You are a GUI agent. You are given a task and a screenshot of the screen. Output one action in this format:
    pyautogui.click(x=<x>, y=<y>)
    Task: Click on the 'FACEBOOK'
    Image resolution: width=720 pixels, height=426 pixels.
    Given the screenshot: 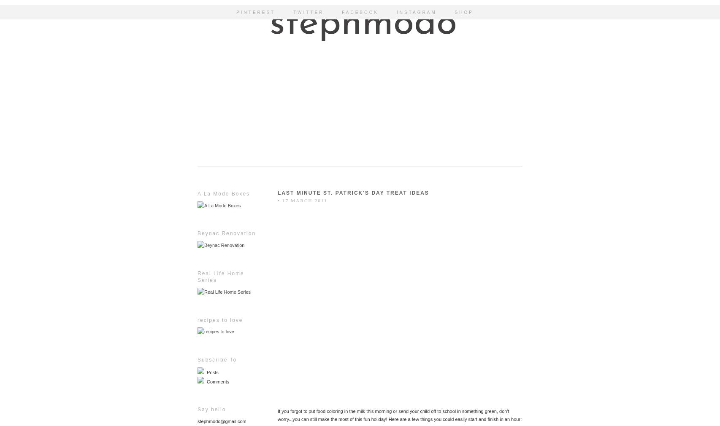 What is the action you would take?
    pyautogui.click(x=360, y=12)
    